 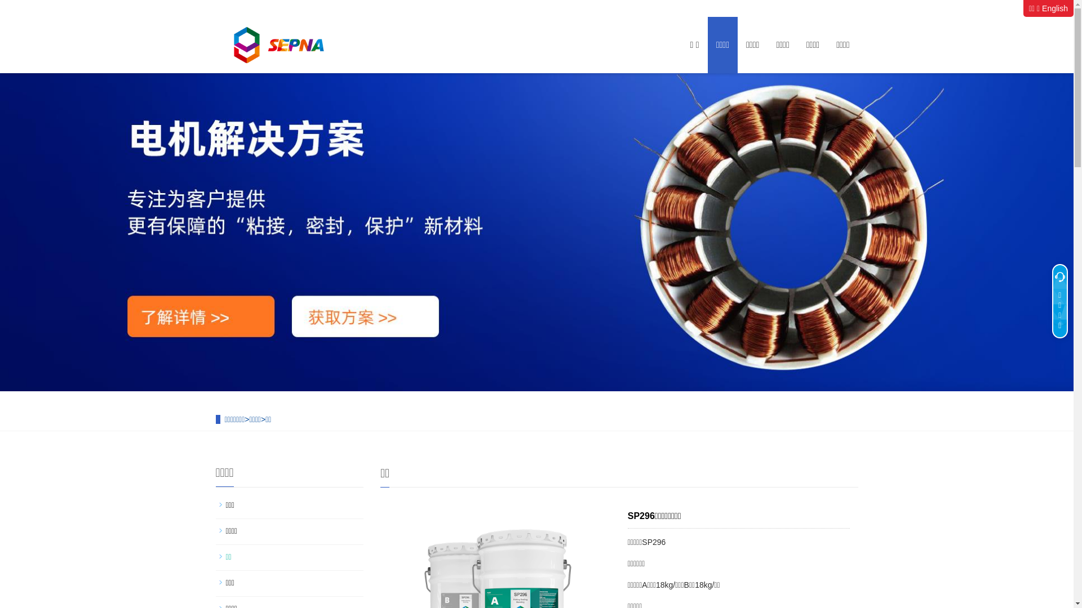 I want to click on 'English', so click(x=1041, y=8).